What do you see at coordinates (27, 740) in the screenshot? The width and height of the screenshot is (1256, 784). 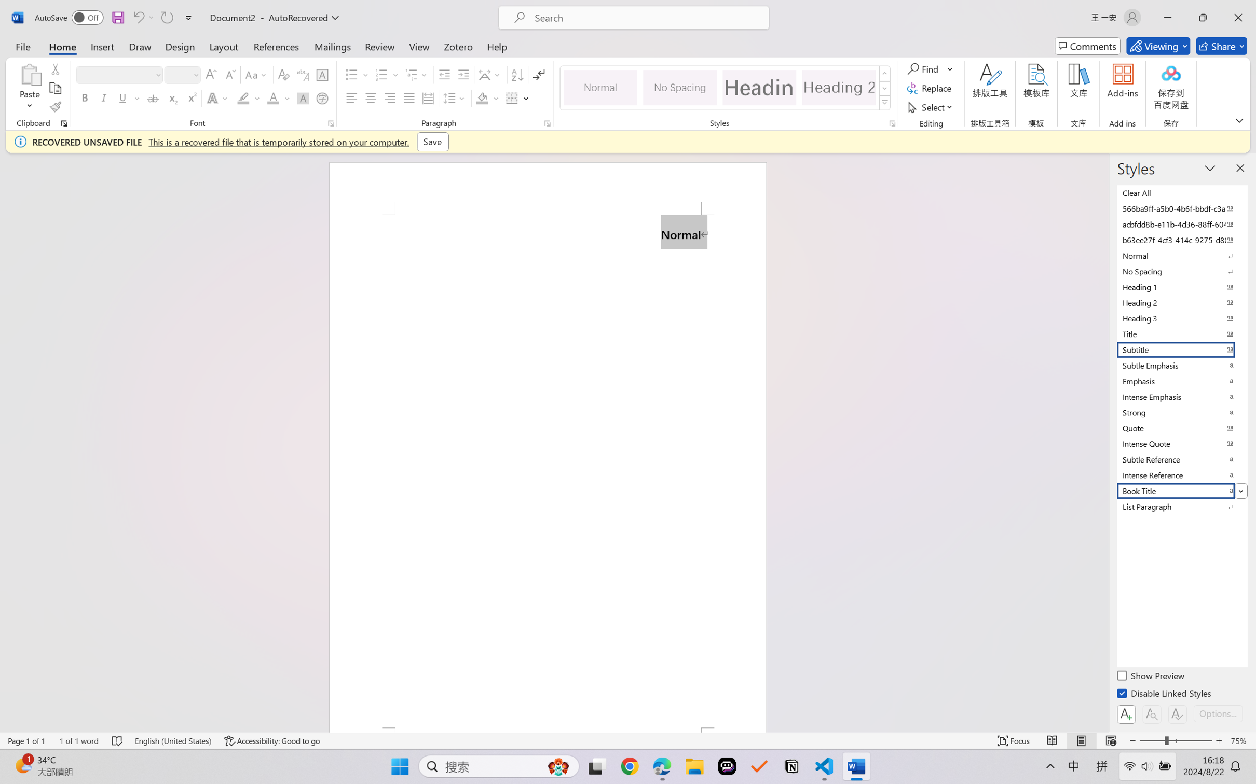 I see `'Page Number Page 1 of 1'` at bounding box center [27, 740].